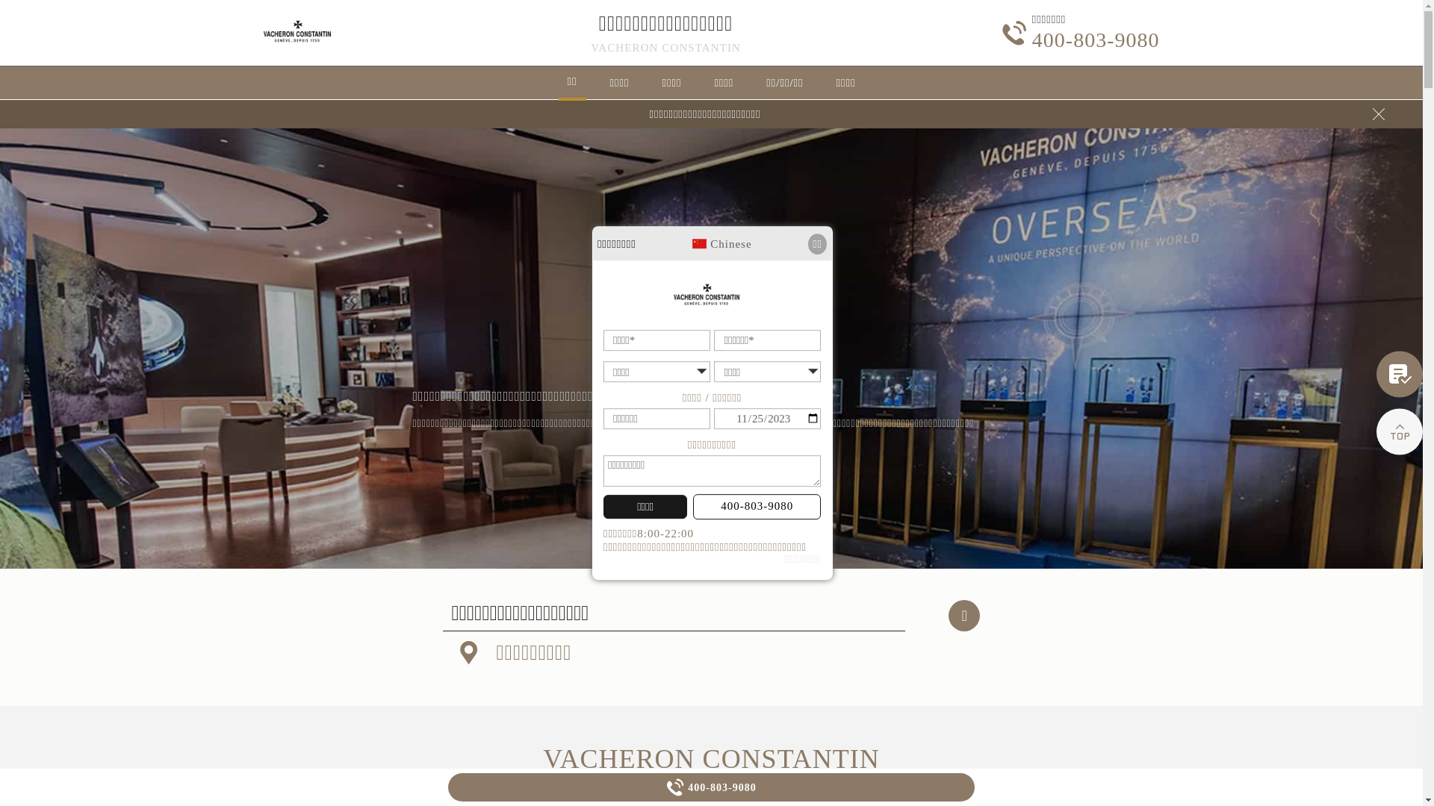 The width and height of the screenshot is (1434, 806). I want to click on '400-803-9080', so click(757, 505).